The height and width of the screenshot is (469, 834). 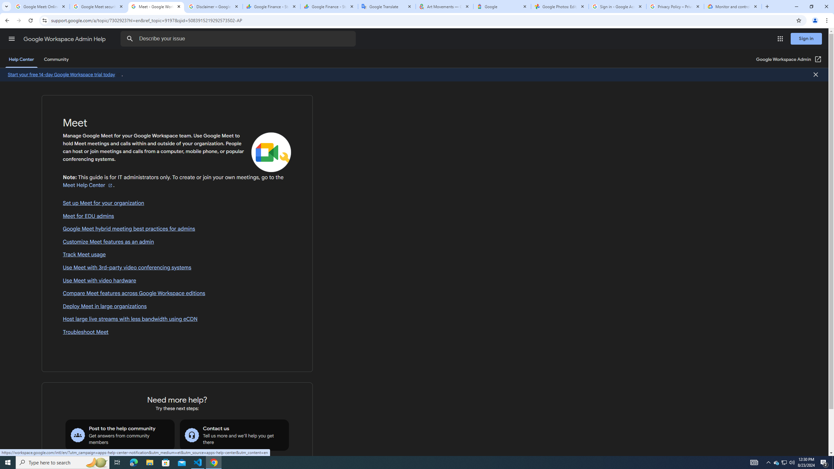 I want to click on 'Meet - Google Workspace Admin Help', so click(x=155, y=6).